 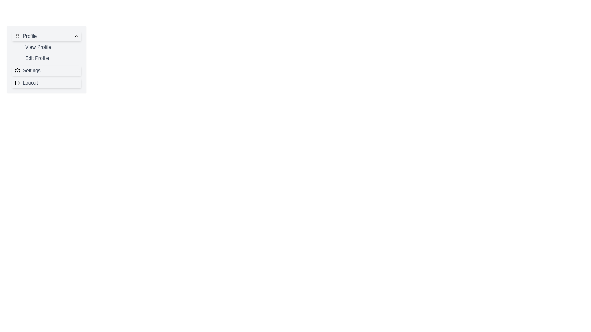 I want to click on the SVG-based log-out icon located at the top-left corner of the interface, so click(x=18, y=83).